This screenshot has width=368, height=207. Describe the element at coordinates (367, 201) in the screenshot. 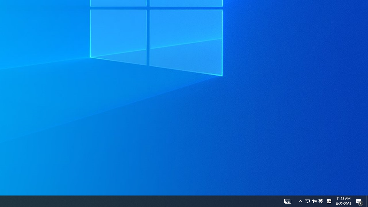

I see `'Show desktop'` at that location.